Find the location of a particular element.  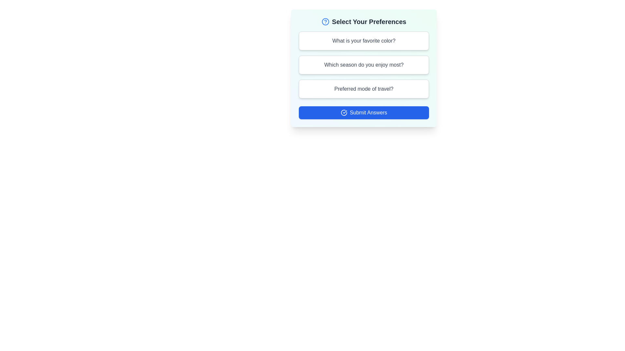

the question card labeled 'Preferred mode of travel?' to preview its selection state is located at coordinates (364, 89).